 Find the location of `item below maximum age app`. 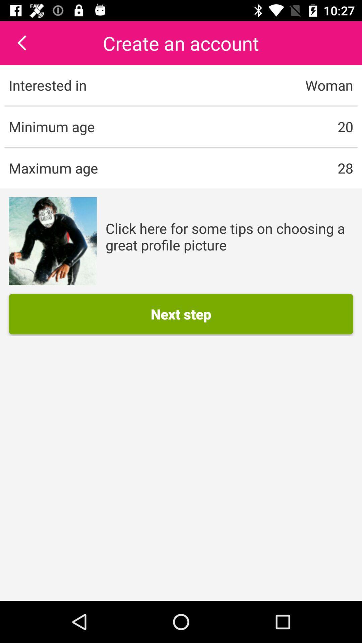

item below maximum age app is located at coordinates (52, 241).